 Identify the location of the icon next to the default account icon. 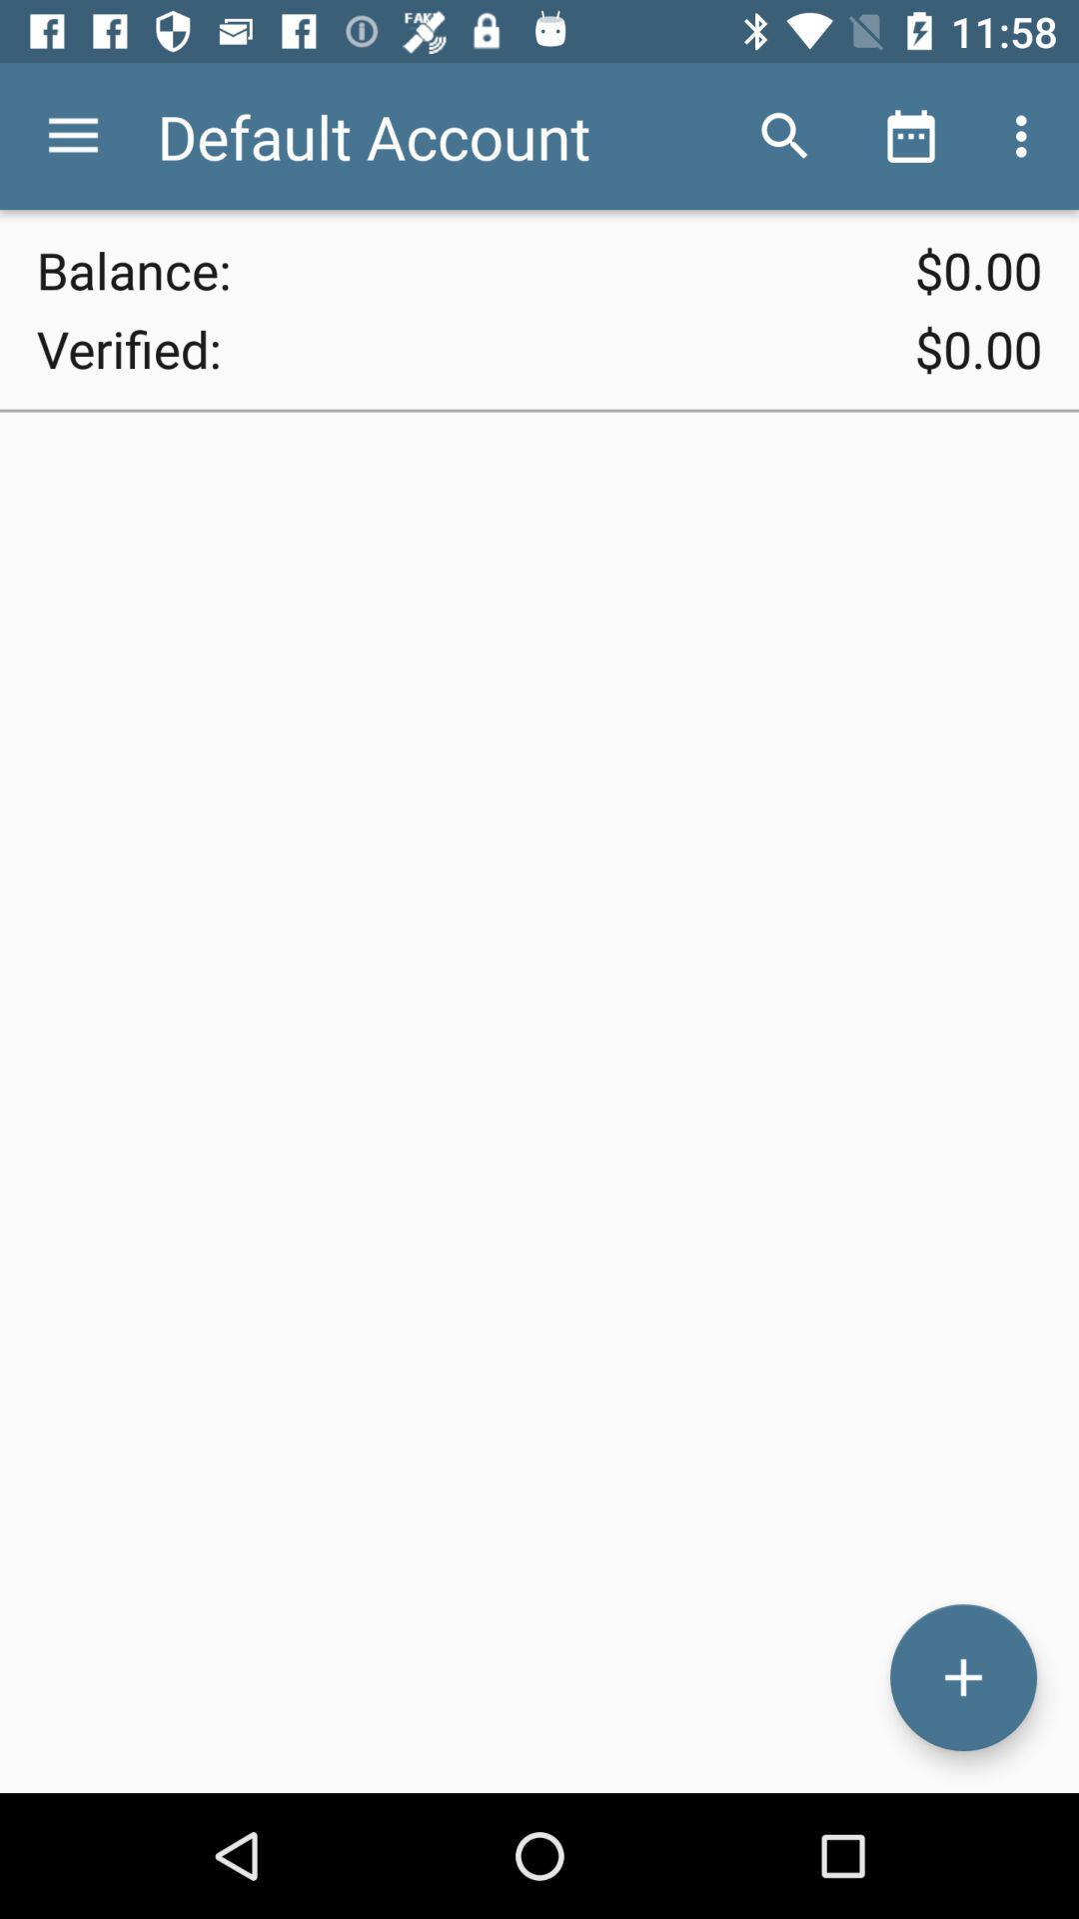
(72, 135).